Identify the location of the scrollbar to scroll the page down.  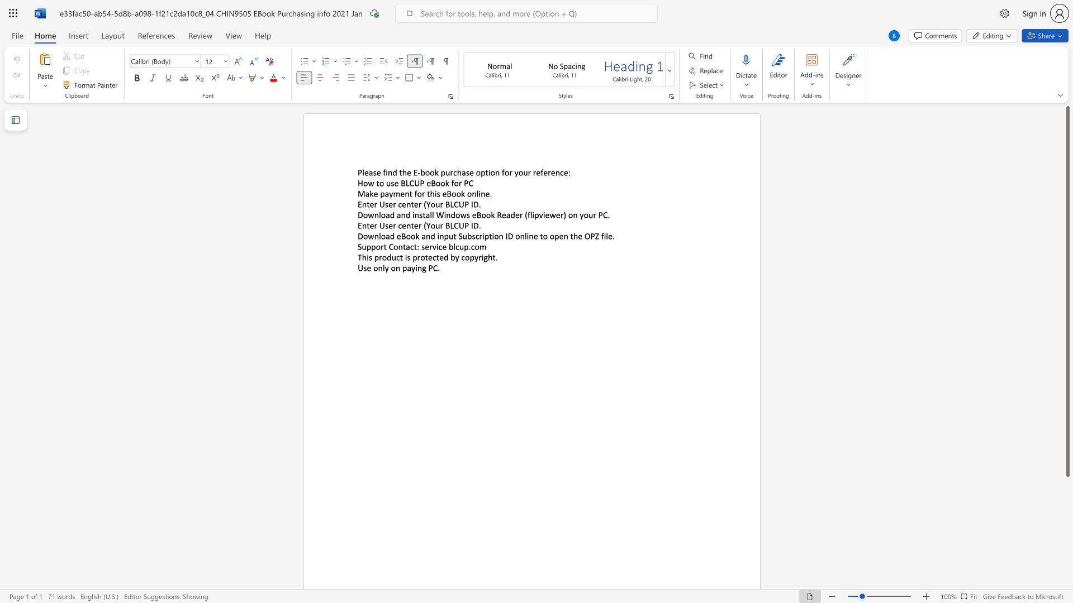
(1067, 540).